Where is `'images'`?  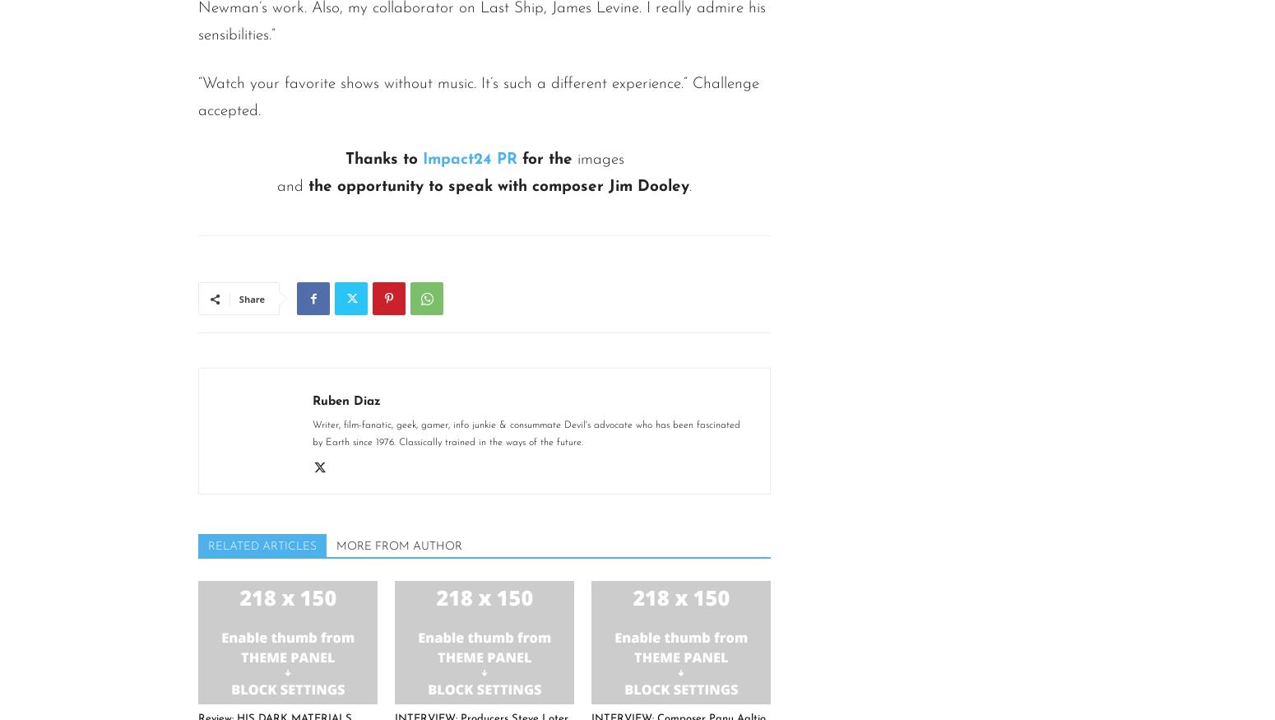 'images' is located at coordinates (600, 160).